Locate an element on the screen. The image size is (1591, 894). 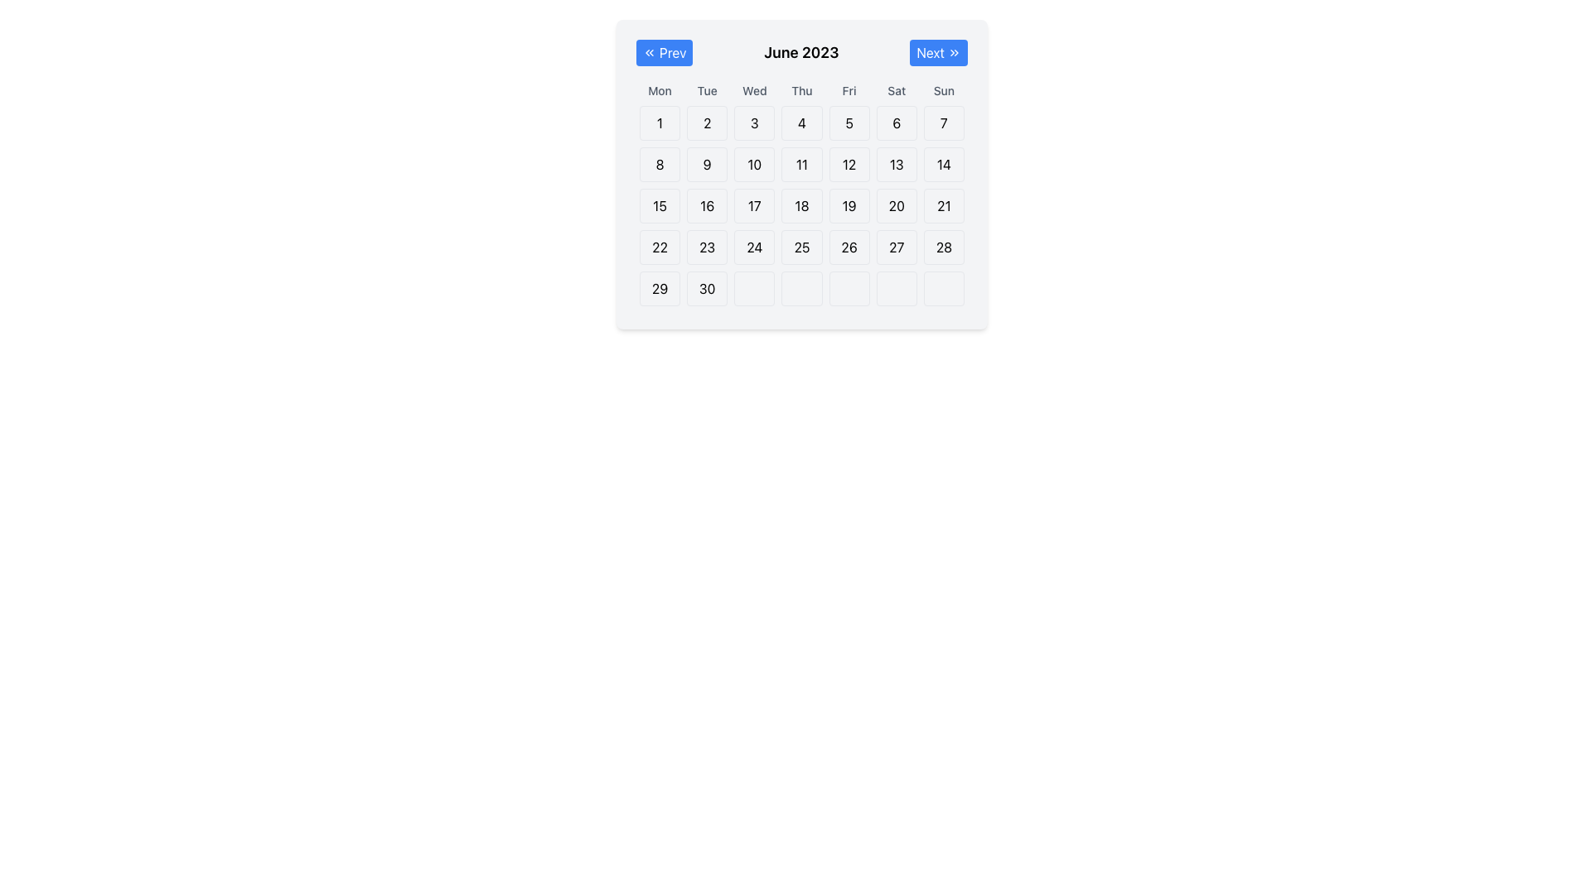
the third button representing the third day of the week in the calendar is located at coordinates (753, 123).